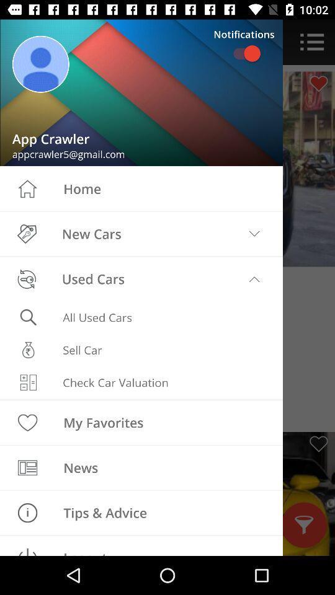 This screenshot has width=335, height=595. I want to click on the filter icon, so click(303, 524).